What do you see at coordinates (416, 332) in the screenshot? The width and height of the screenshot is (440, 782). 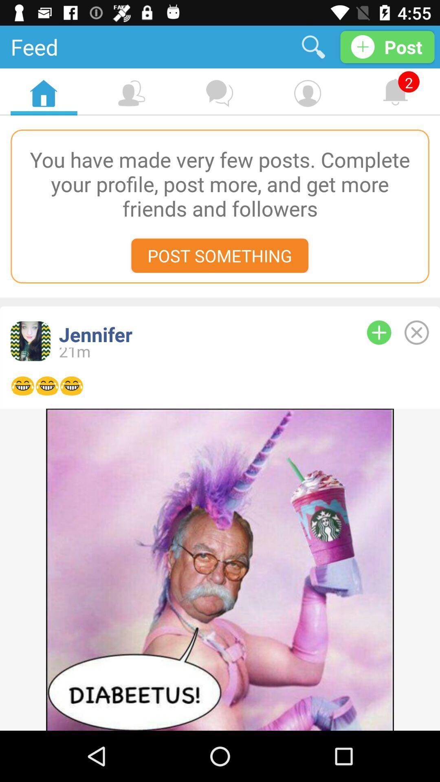 I see `delete this post` at bounding box center [416, 332].